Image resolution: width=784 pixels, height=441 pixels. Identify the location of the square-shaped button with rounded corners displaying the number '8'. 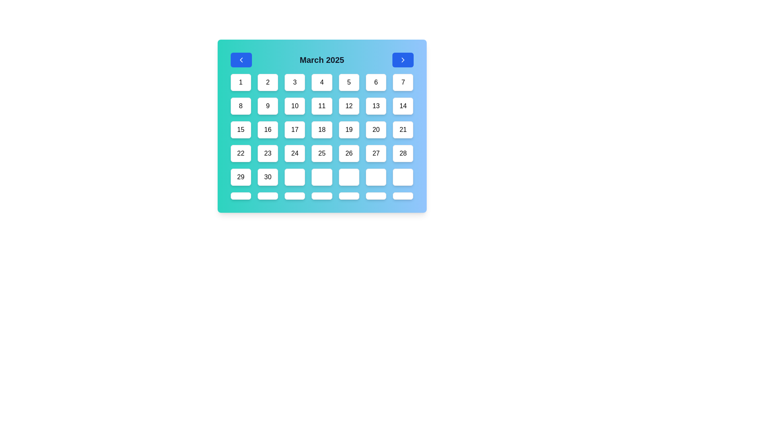
(240, 105).